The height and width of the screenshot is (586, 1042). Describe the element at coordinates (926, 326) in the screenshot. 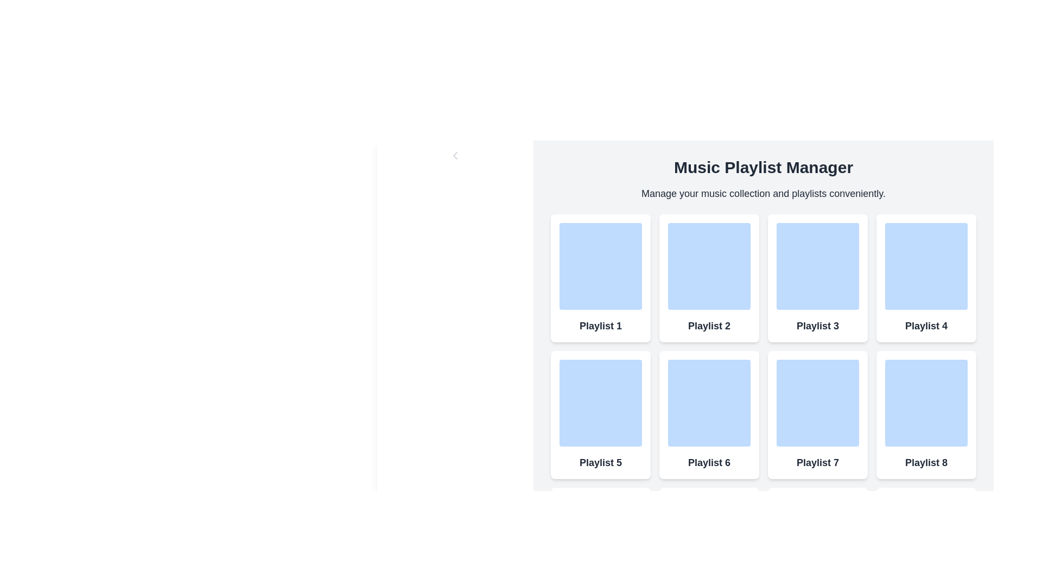

I see `the static text label reading 'Playlist 4', which is styled with a bold and large font and located below a blue rectangle indicative of a playlist thumbnail area` at that location.